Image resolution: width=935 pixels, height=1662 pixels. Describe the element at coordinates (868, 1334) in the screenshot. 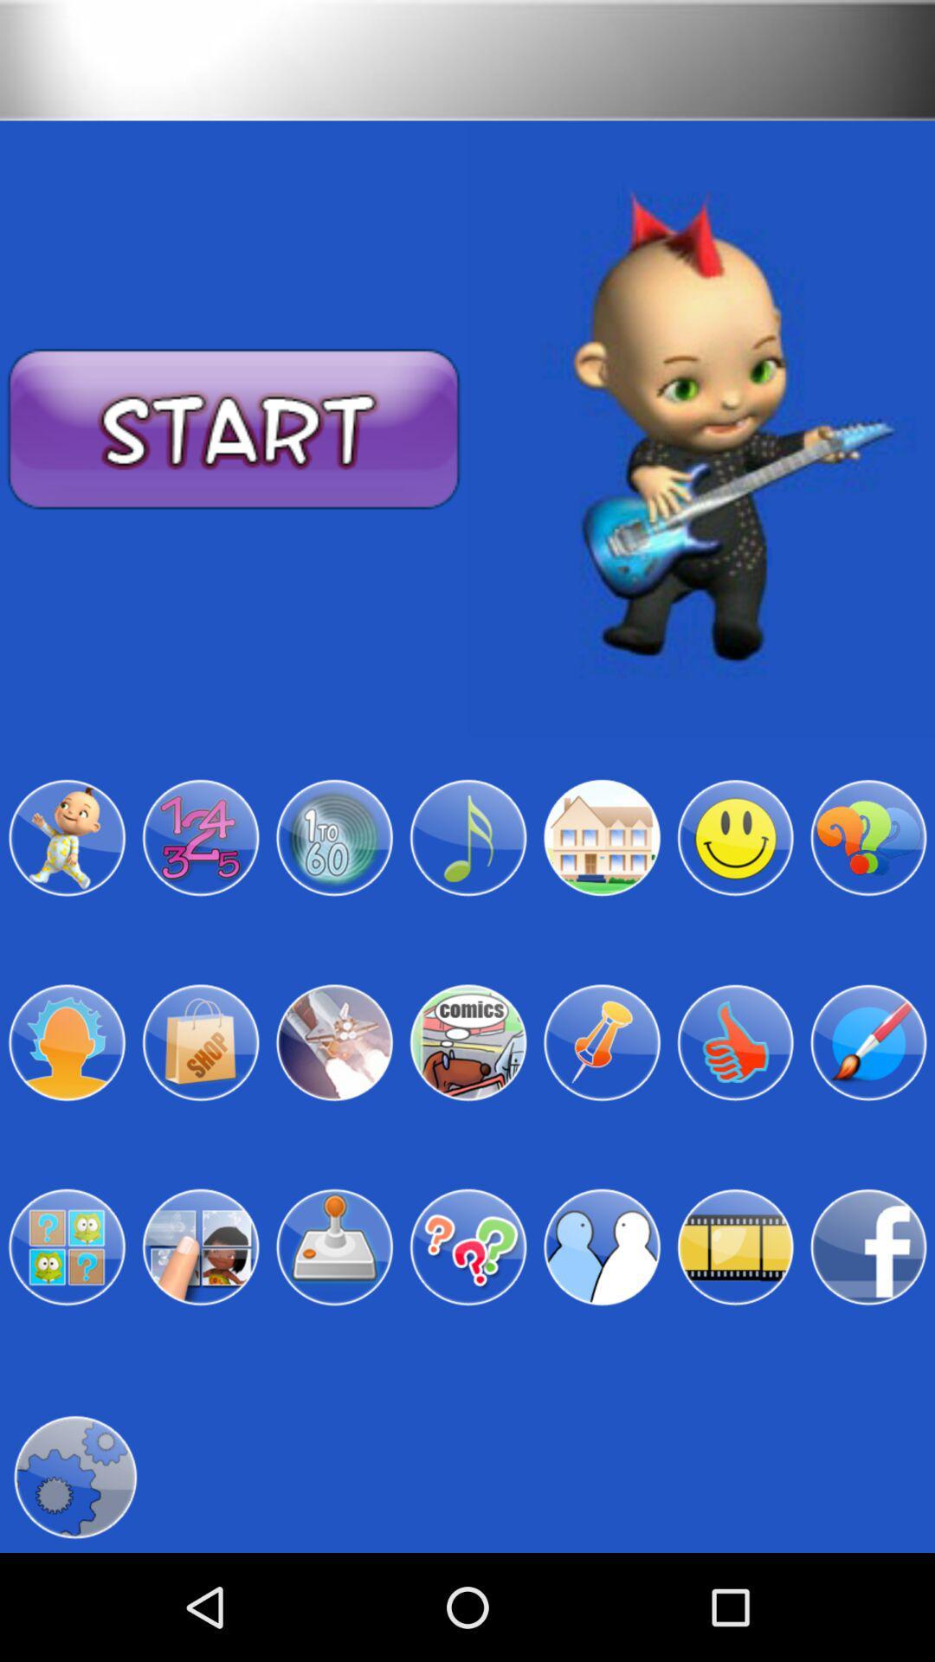

I see `the facebook icon` at that location.